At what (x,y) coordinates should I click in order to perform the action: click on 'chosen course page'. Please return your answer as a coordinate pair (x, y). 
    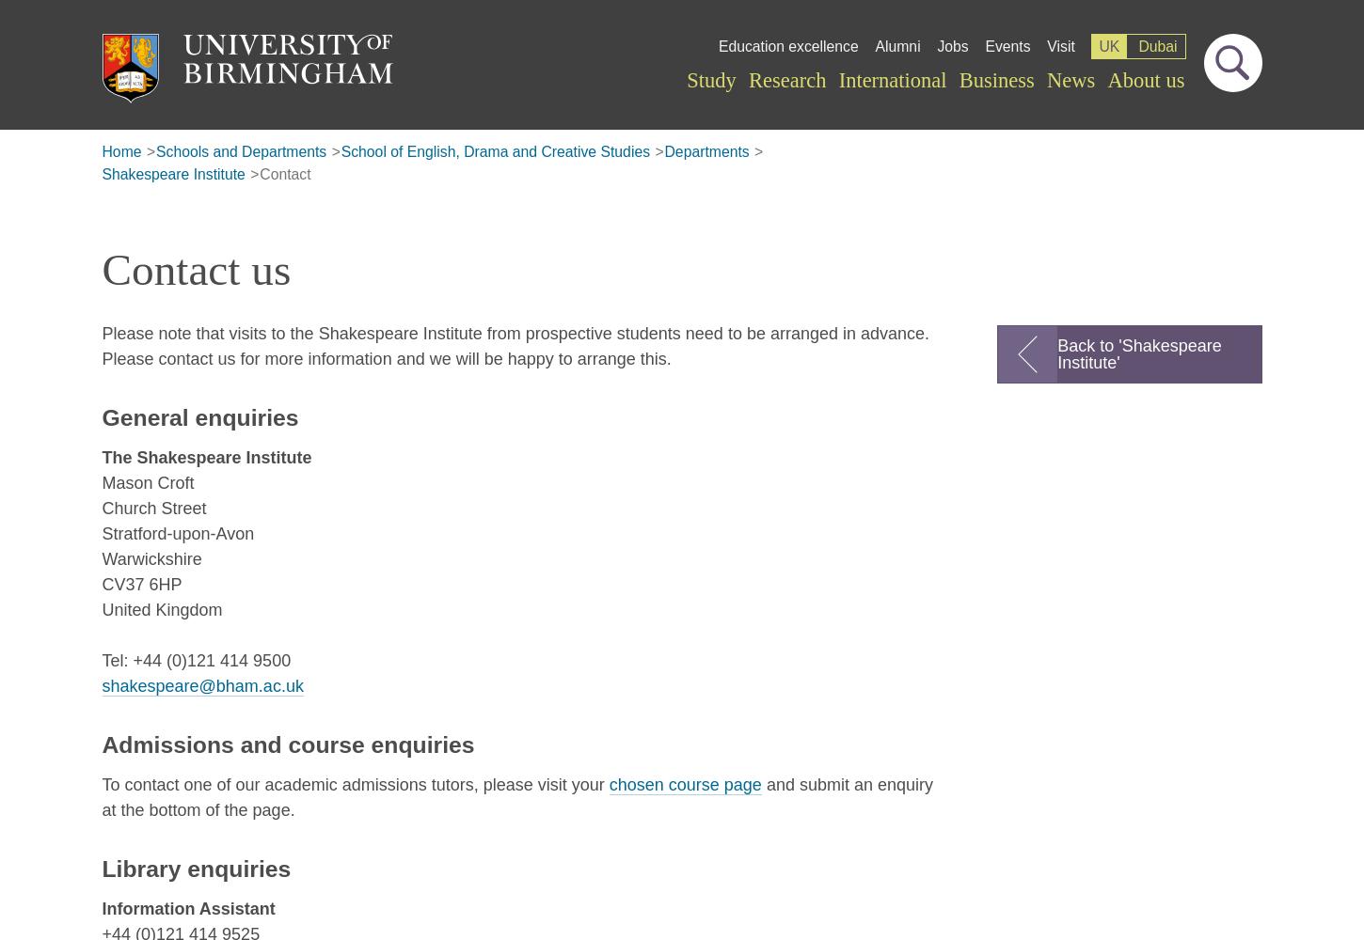
    Looking at the image, I should click on (607, 783).